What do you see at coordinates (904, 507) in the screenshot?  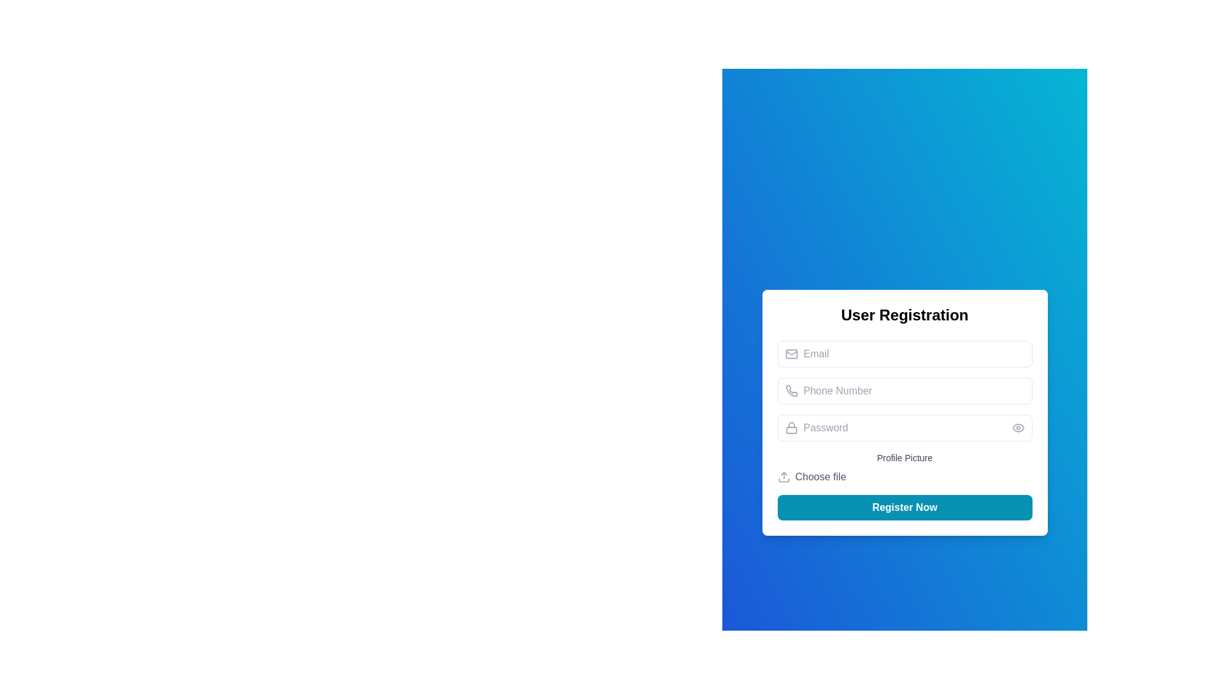 I see `the 'Register Now' button with a cyan background located at the bottom of the User Registration form` at bounding box center [904, 507].